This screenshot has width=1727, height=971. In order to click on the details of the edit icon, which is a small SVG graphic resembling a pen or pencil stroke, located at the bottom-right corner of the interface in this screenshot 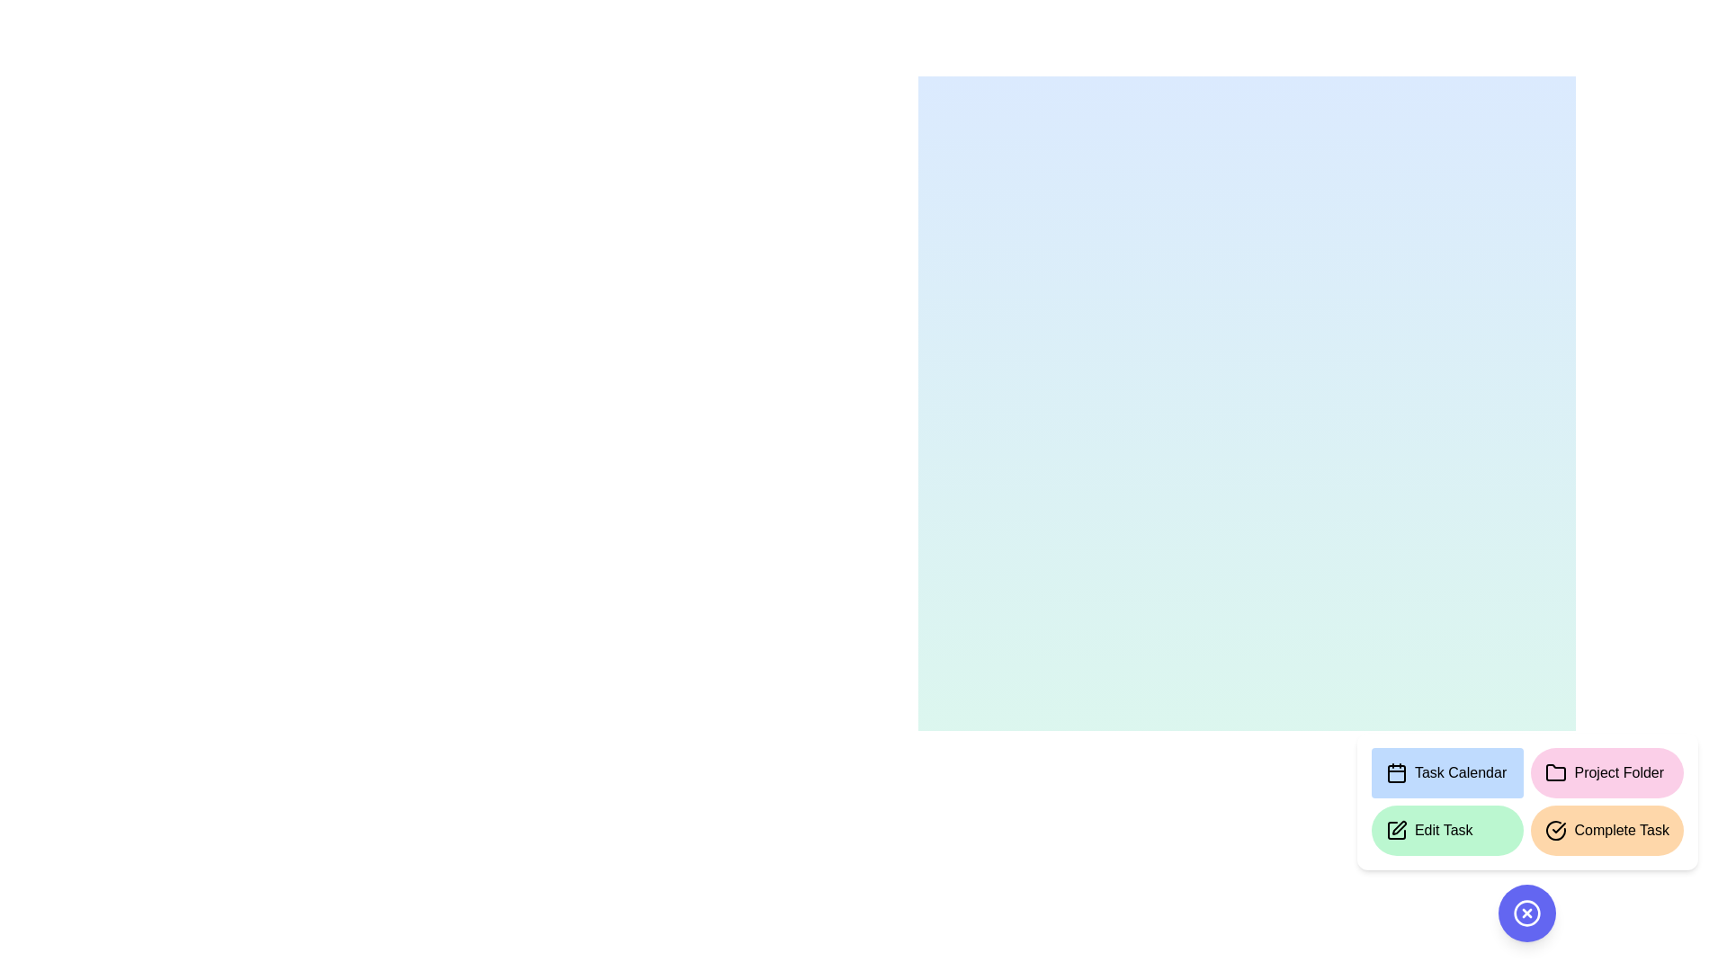, I will do `click(1398, 828)`.